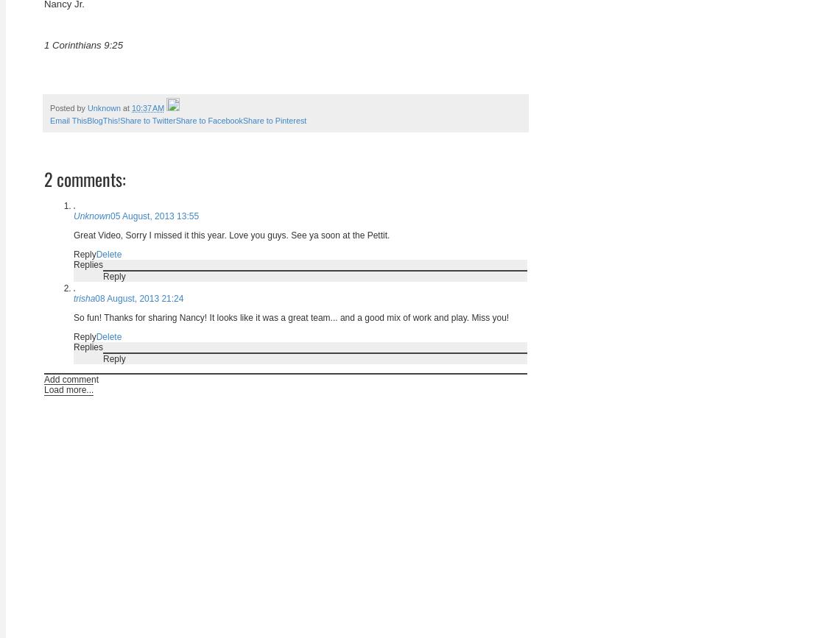 The width and height of the screenshot is (816, 638). Describe the element at coordinates (126, 108) in the screenshot. I see `'at'` at that location.